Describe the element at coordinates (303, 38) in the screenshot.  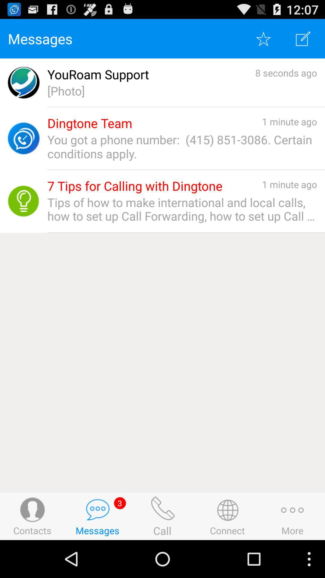
I see `new message` at that location.